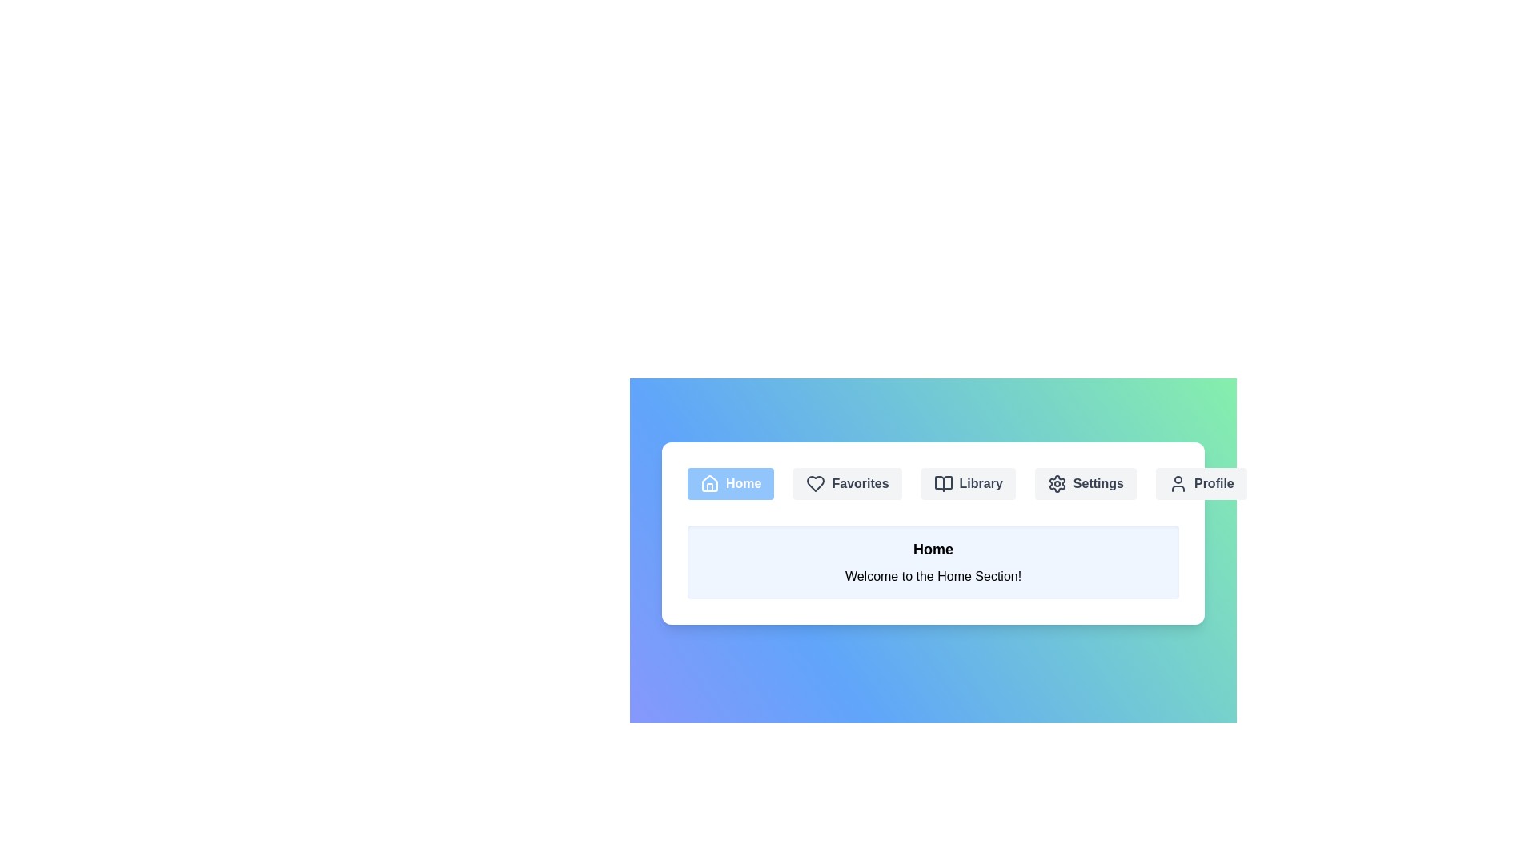  What do you see at coordinates (709, 483) in the screenshot?
I see `the house-shaped icon in the navigation area labeled 'Home'` at bounding box center [709, 483].